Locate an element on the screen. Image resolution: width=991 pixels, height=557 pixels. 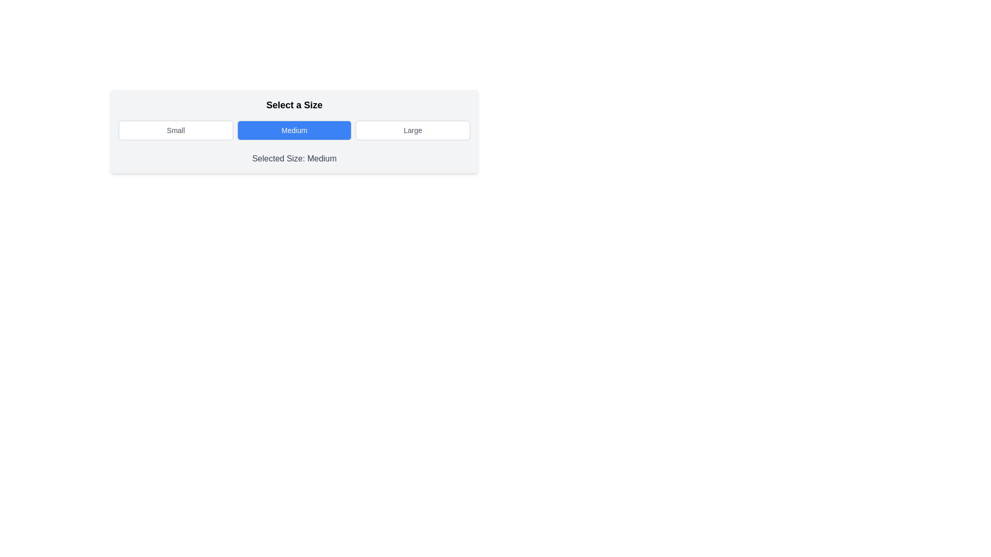
the text label that displays 'Select a Size', which is styled in a bold, large font and positioned at the top of the size selection section is located at coordinates (294, 105).